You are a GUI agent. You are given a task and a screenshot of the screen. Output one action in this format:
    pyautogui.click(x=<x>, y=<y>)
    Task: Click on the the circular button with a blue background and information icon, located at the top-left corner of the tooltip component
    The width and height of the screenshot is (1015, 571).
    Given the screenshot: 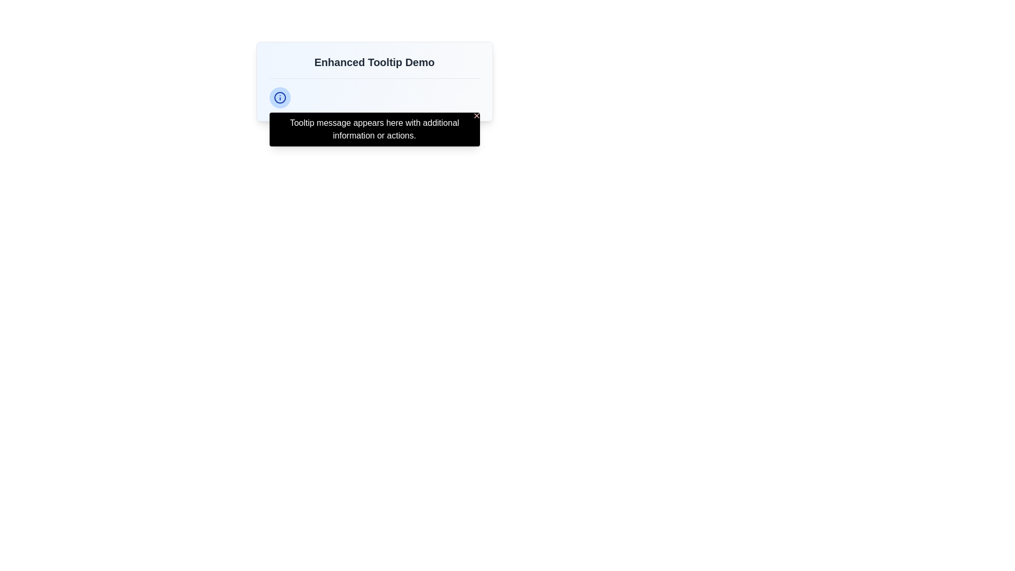 What is the action you would take?
    pyautogui.click(x=280, y=98)
    